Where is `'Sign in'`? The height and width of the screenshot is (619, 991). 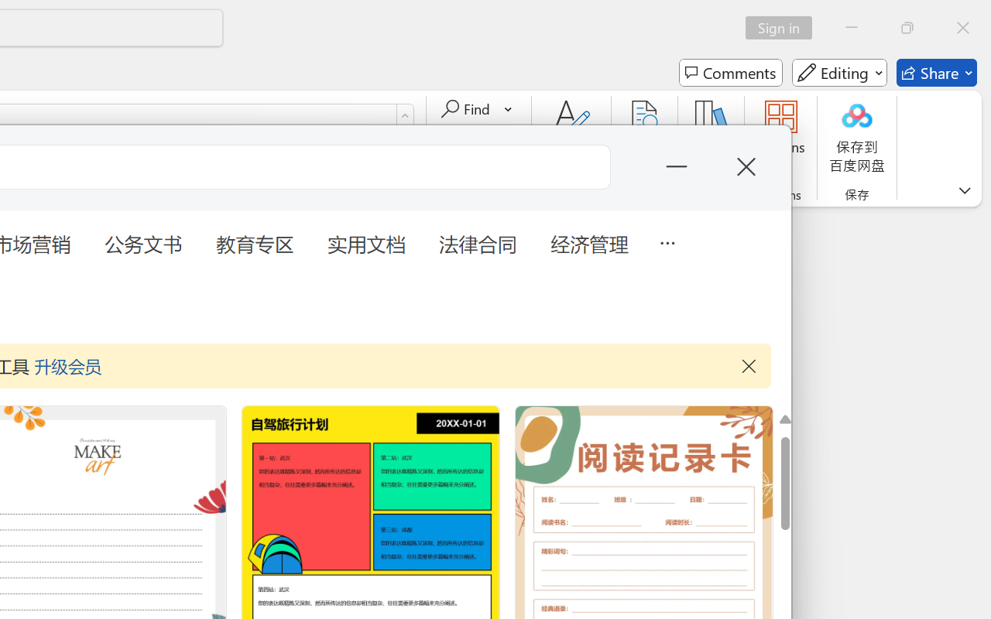
'Sign in' is located at coordinates (784, 27).